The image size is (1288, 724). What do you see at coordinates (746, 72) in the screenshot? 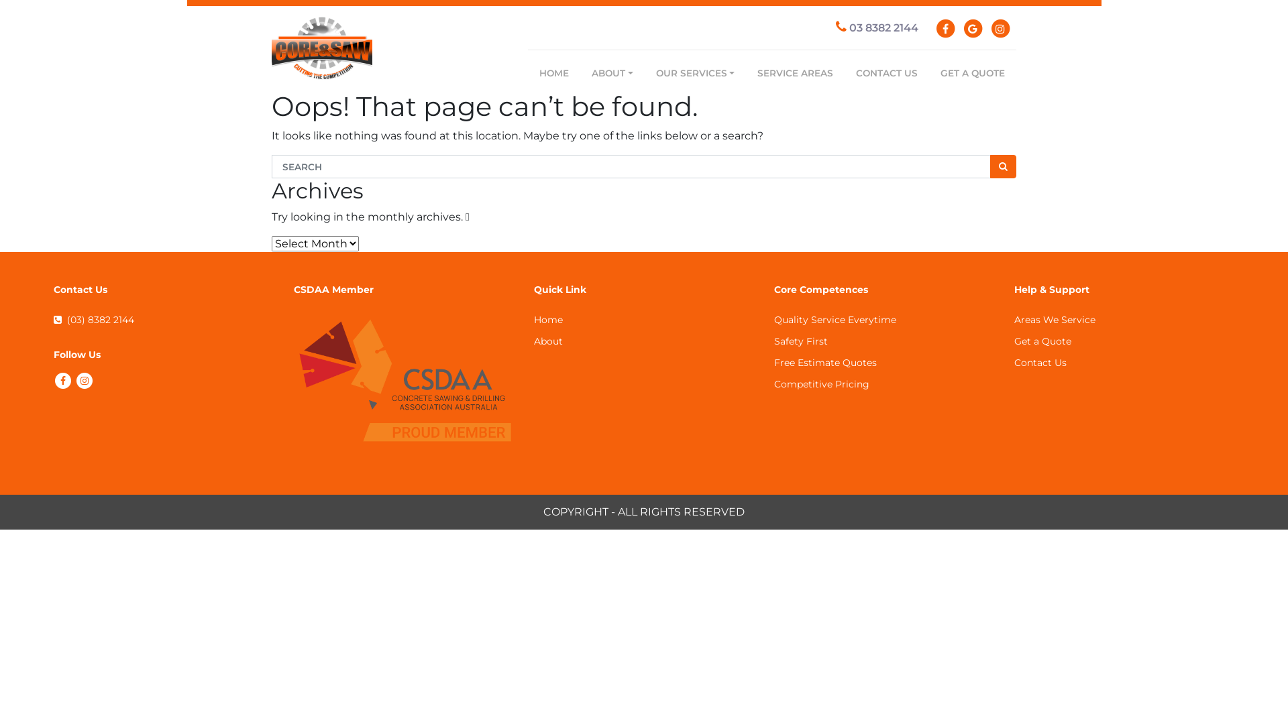
I see `'SERVICE AREAS'` at bounding box center [746, 72].